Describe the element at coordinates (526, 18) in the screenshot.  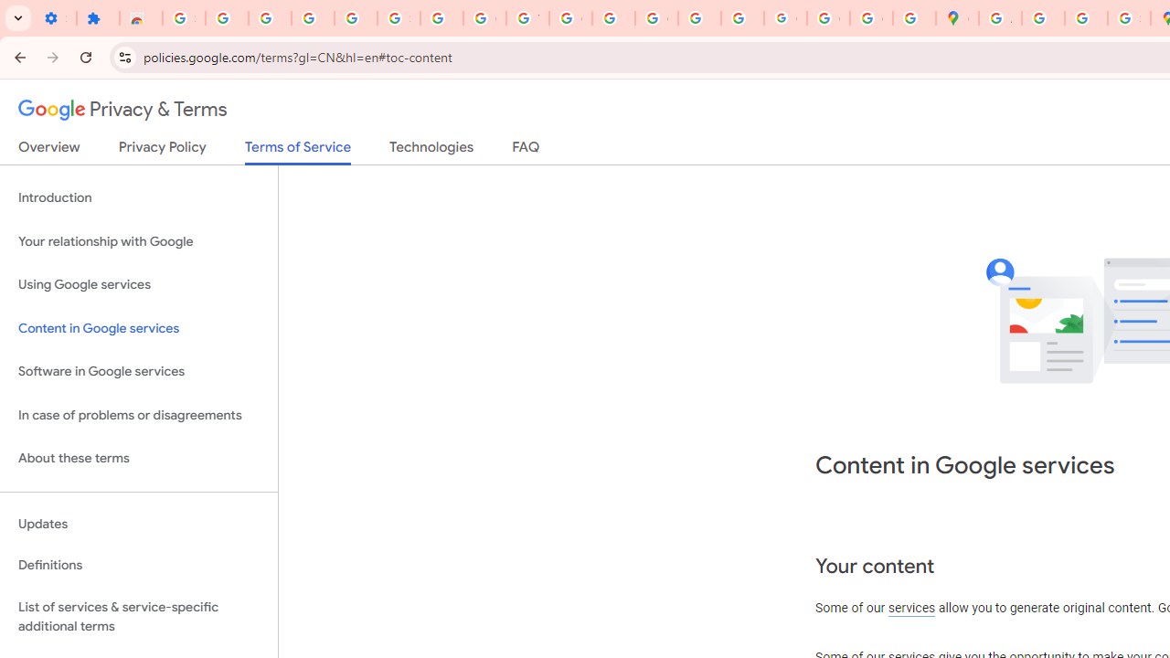
I see `'YouTube'` at that location.